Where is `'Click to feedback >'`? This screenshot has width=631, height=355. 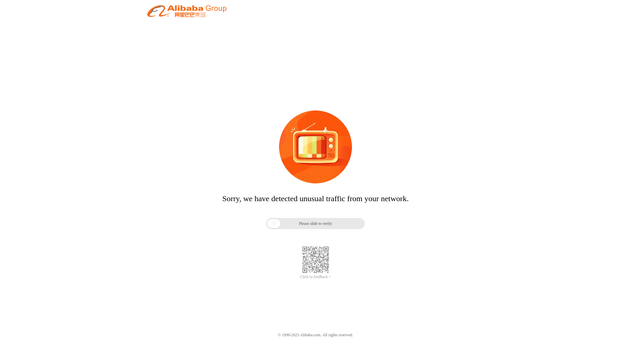
'Click to feedback >' is located at coordinates (315, 277).